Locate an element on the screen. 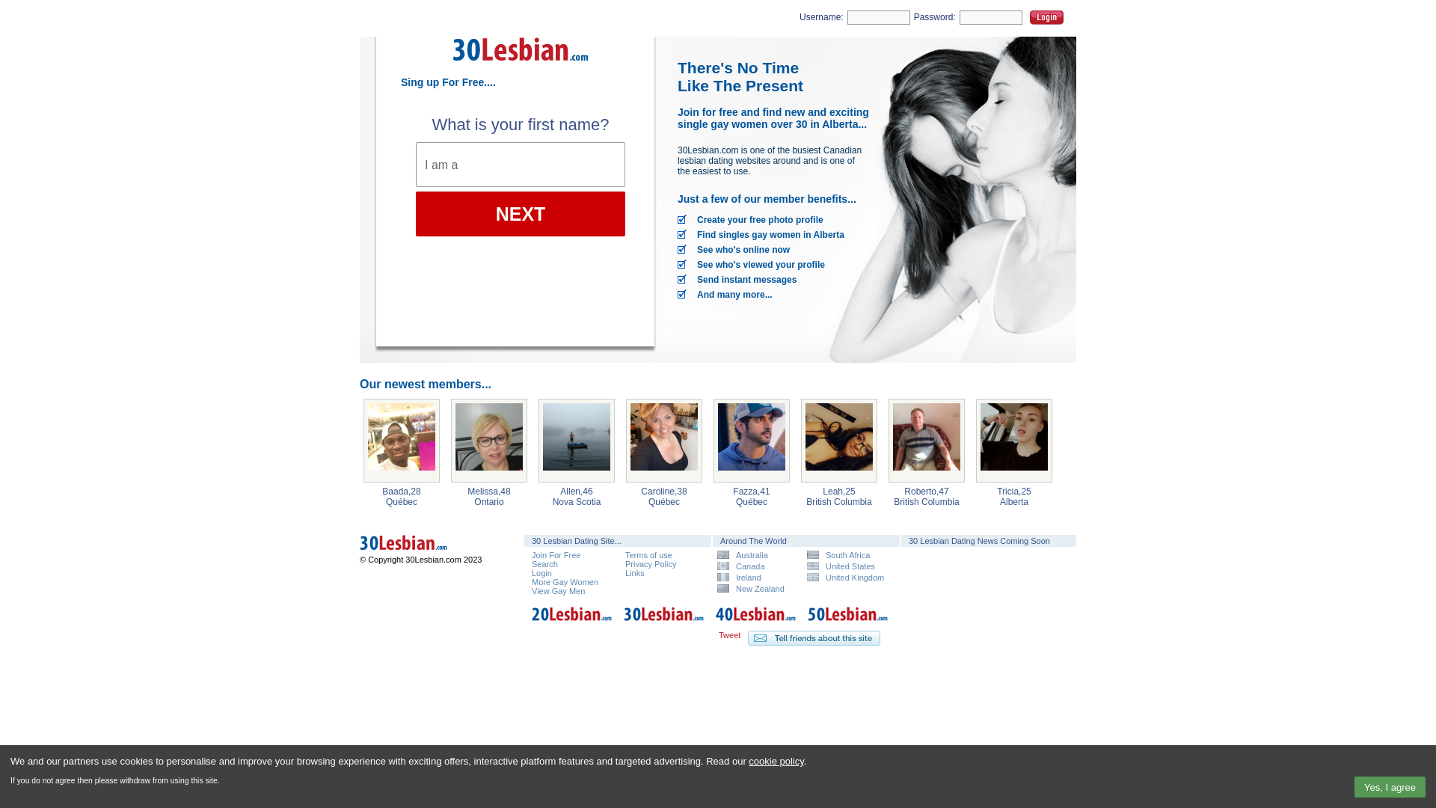  '20 Lesbian Dating' is located at coordinates (571, 622).